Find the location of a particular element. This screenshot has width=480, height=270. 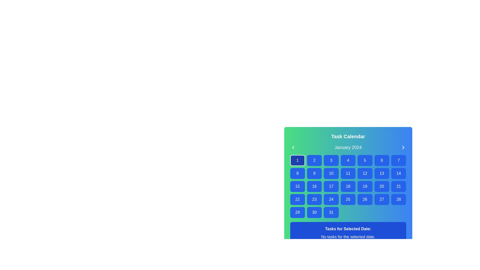

the button that navigates to the next month in the calendar interface, located adjacent to the 'January 2024' title in the top-right corner is located at coordinates (403, 147).